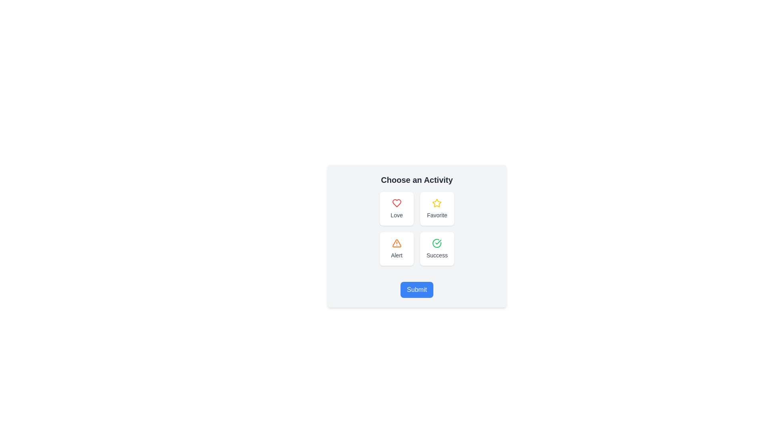 The image size is (769, 433). I want to click on the uppermost part of the triangular alert icon located in the bottom-left section of the four-button grid, so click(397, 243).